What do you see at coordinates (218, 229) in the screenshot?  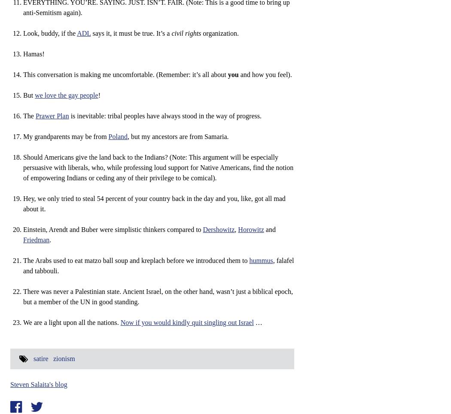 I see `'Dershowitz'` at bounding box center [218, 229].